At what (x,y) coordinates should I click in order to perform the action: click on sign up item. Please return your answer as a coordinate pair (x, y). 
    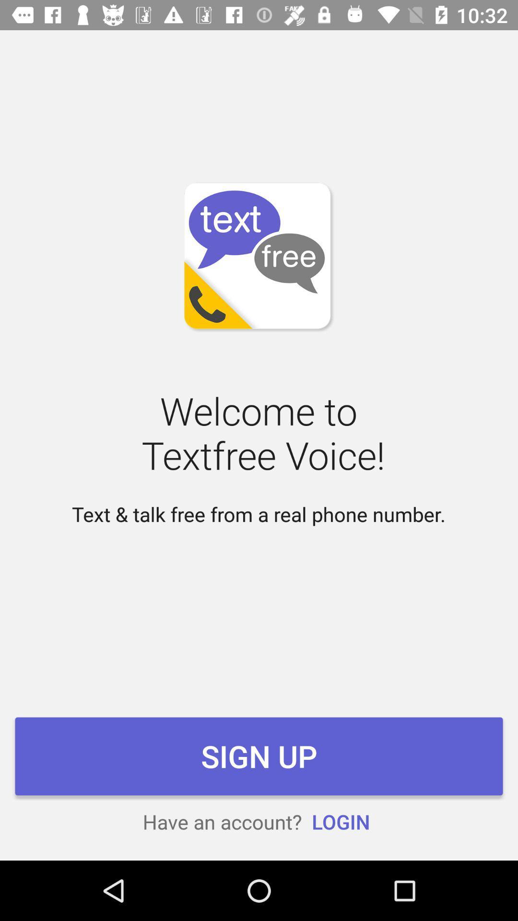
    Looking at the image, I should click on (259, 756).